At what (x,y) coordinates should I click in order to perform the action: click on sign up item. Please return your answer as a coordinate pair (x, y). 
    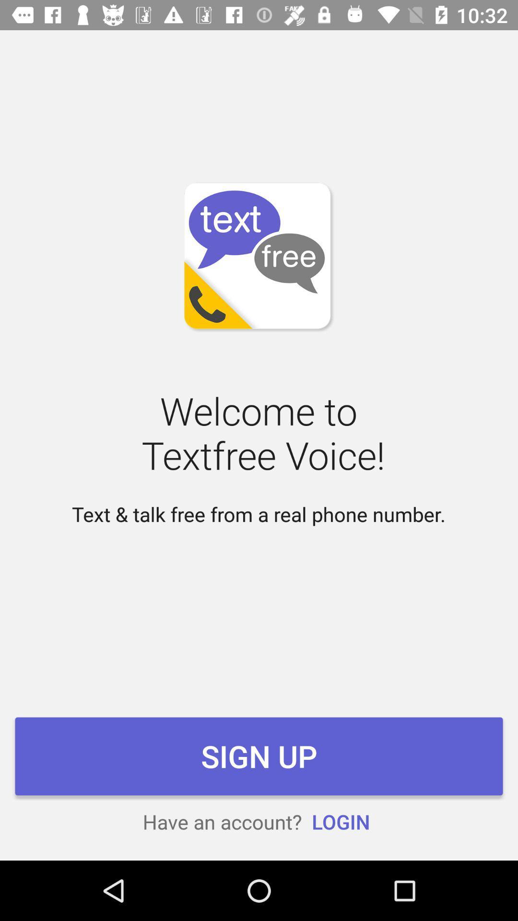
    Looking at the image, I should click on (259, 756).